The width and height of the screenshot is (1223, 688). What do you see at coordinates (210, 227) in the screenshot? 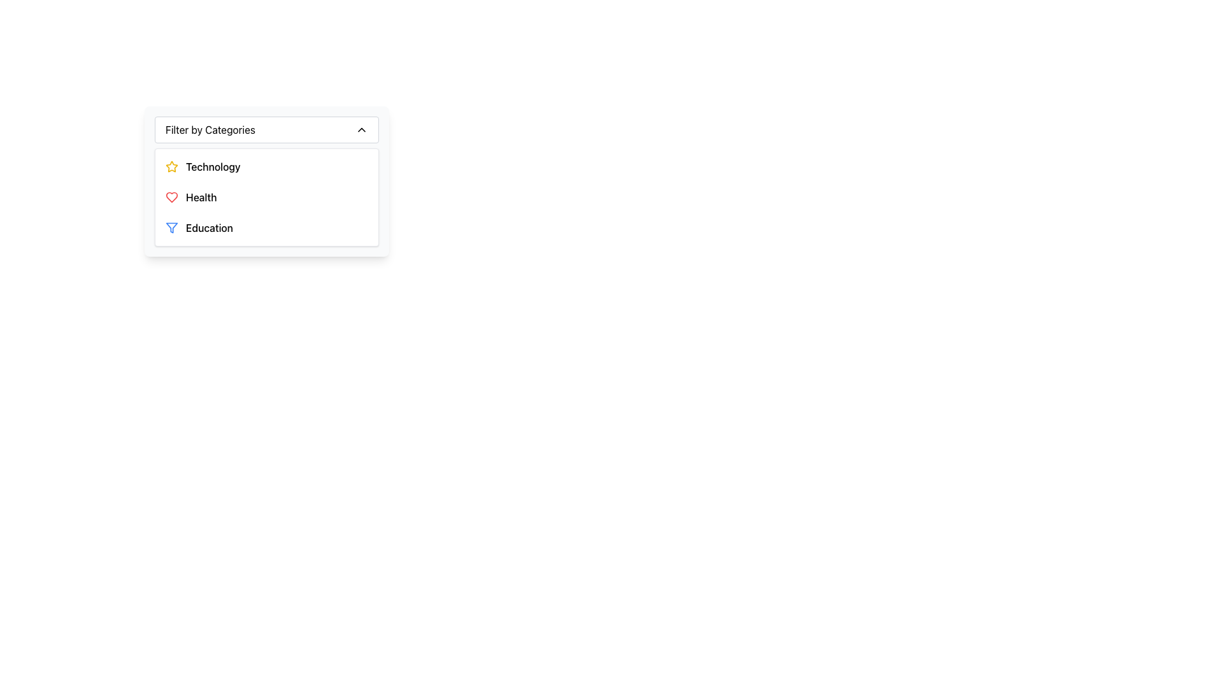
I see `the 'Education' label, which is the third entry in the dropdown list under 'Filter by Categories'` at bounding box center [210, 227].